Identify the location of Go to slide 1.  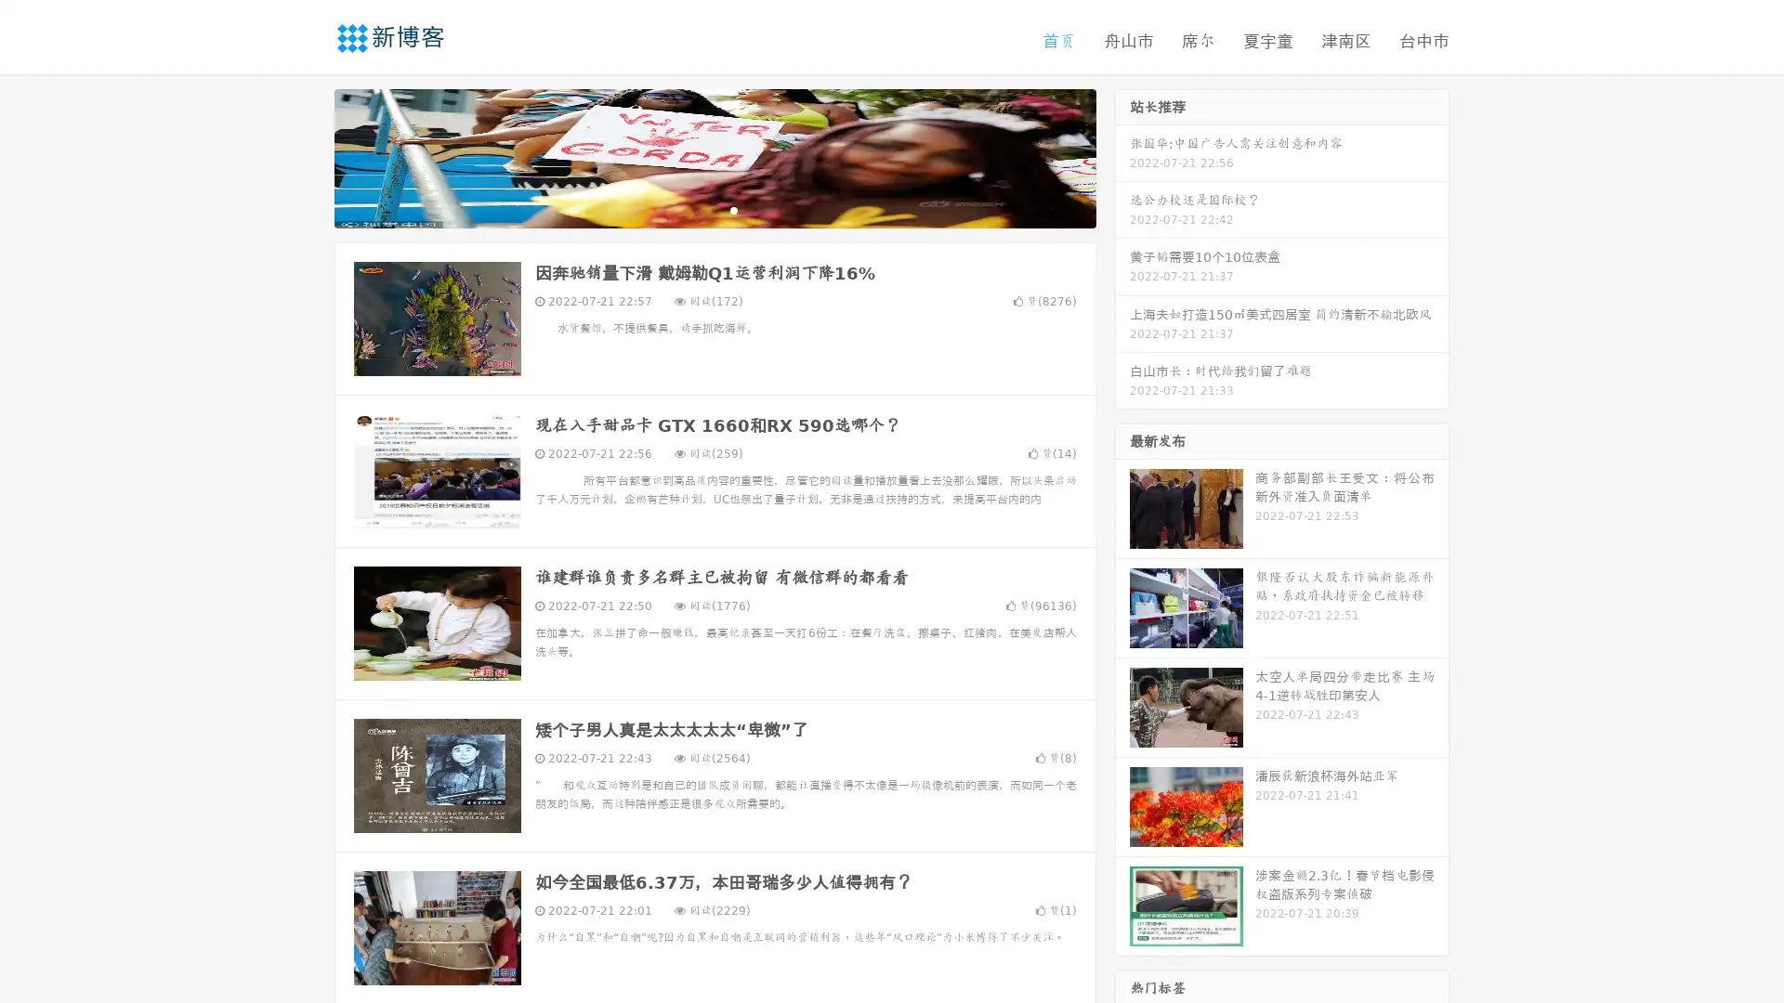
(695, 209).